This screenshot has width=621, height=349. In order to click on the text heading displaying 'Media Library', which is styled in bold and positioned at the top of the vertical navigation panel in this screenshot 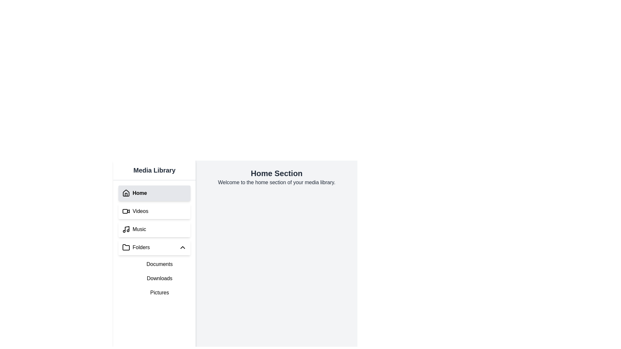, I will do `click(154, 170)`.